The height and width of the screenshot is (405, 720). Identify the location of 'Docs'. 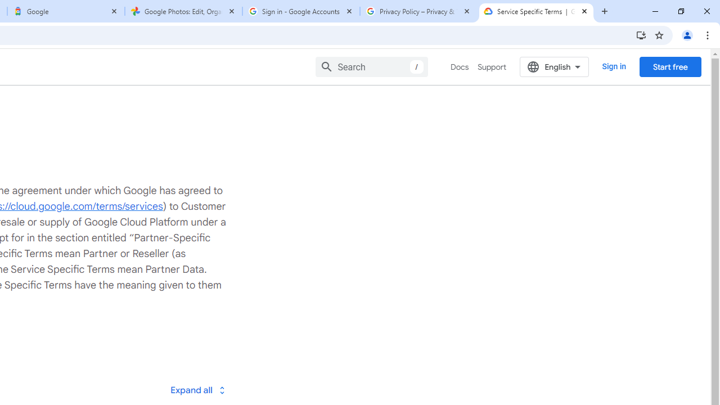
(460, 67).